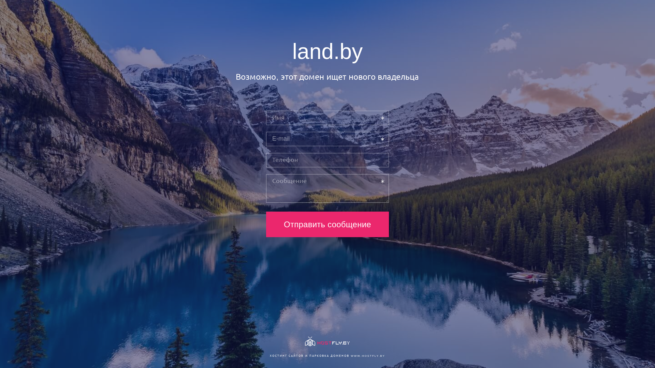 This screenshot has height=368, width=655. Describe the element at coordinates (367, 355) in the screenshot. I see `'WWW.HOSTFLY.BY'` at that location.